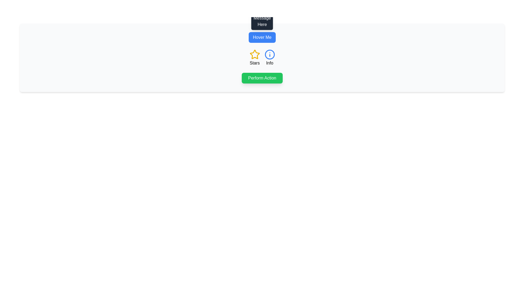 This screenshot has height=289, width=514. I want to click on the star-shaped icon with a yellow outline located next to the 'Stars' label and to the left of the circular 'Info' icon, so click(254, 55).